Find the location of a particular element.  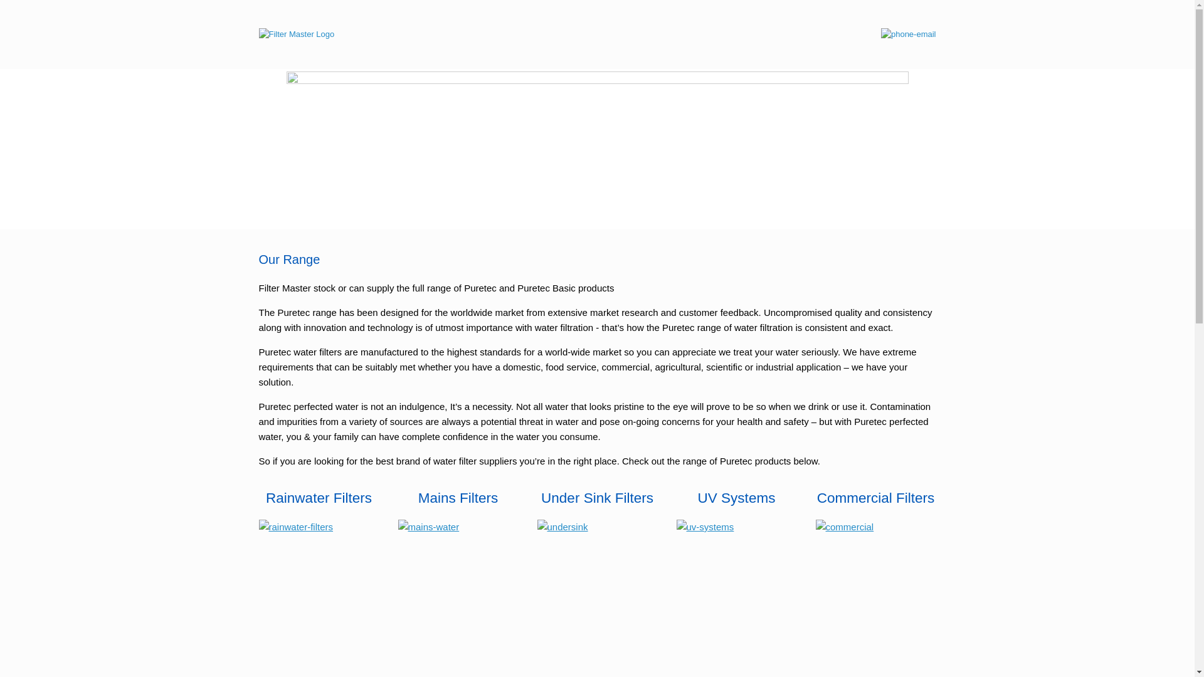

'Filter Master' is located at coordinates (295, 33).